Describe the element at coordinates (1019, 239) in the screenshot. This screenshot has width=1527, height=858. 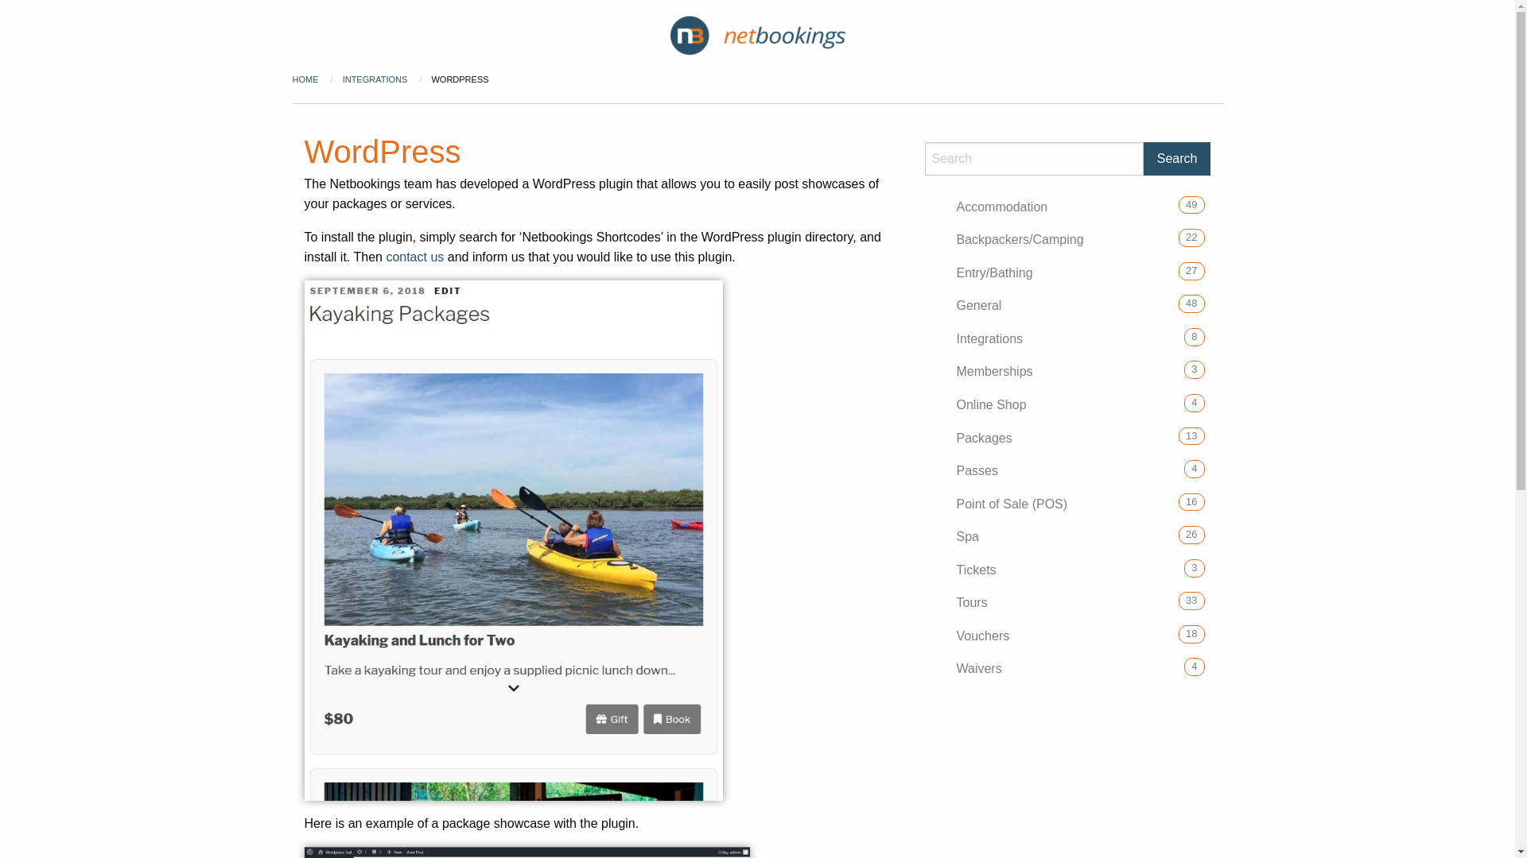
I see `'Backpackers/Camping'` at that location.